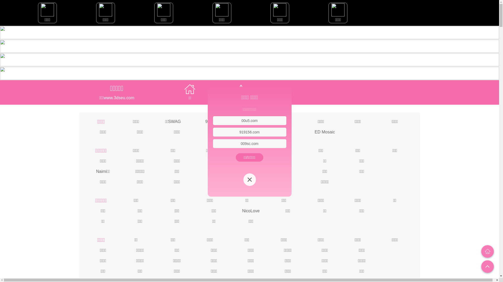 The width and height of the screenshot is (503, 282). What do you see at coordinates (241, 121) in the screenshot?
I see `'00u5.com'` at bounding box center [241, 121].